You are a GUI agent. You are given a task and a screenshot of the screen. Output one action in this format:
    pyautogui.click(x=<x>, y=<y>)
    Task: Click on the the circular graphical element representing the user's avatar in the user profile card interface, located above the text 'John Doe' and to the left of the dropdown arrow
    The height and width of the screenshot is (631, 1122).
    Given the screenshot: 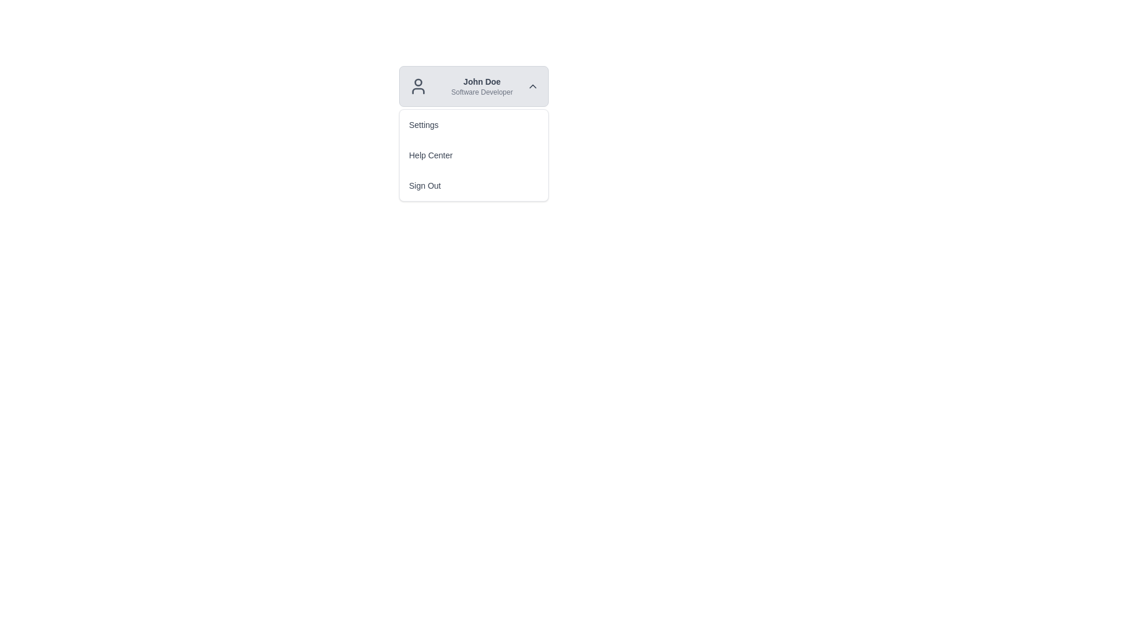 What is the action you would take?
    pyautogui.click(x=418, y=82)
    